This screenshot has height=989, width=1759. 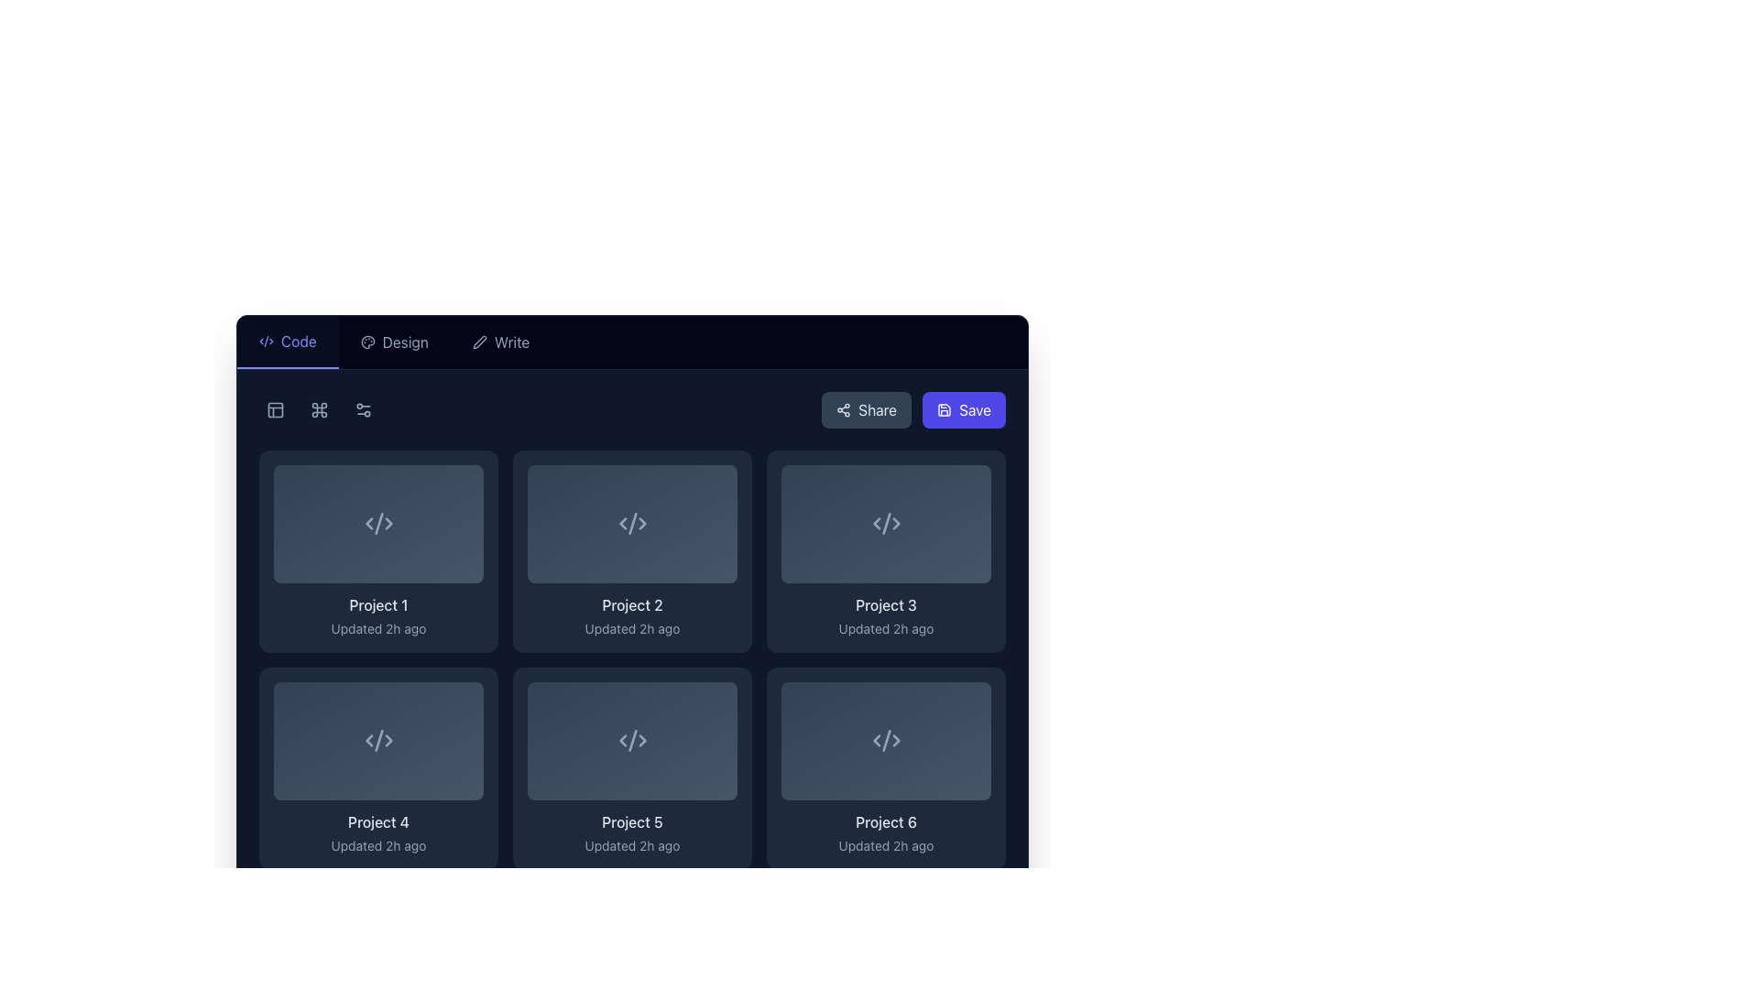 What do you see at coordinates (913, 408) in the screenshot?
I see `the 'Share' button located in the top right of the interface, which has a dark background and light text` at bounding box center [913, 408].